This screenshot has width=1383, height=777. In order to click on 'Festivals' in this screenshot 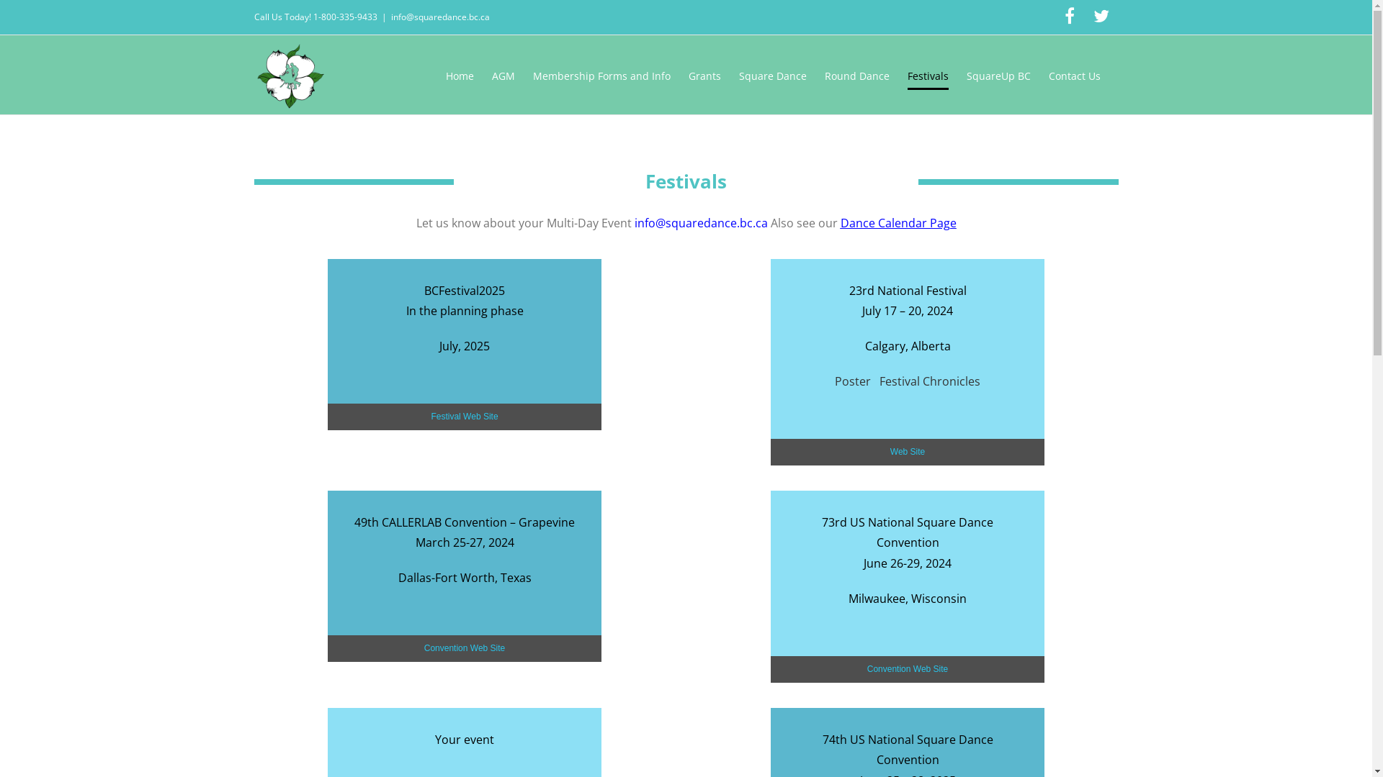, I will do `click(928, 76)`.